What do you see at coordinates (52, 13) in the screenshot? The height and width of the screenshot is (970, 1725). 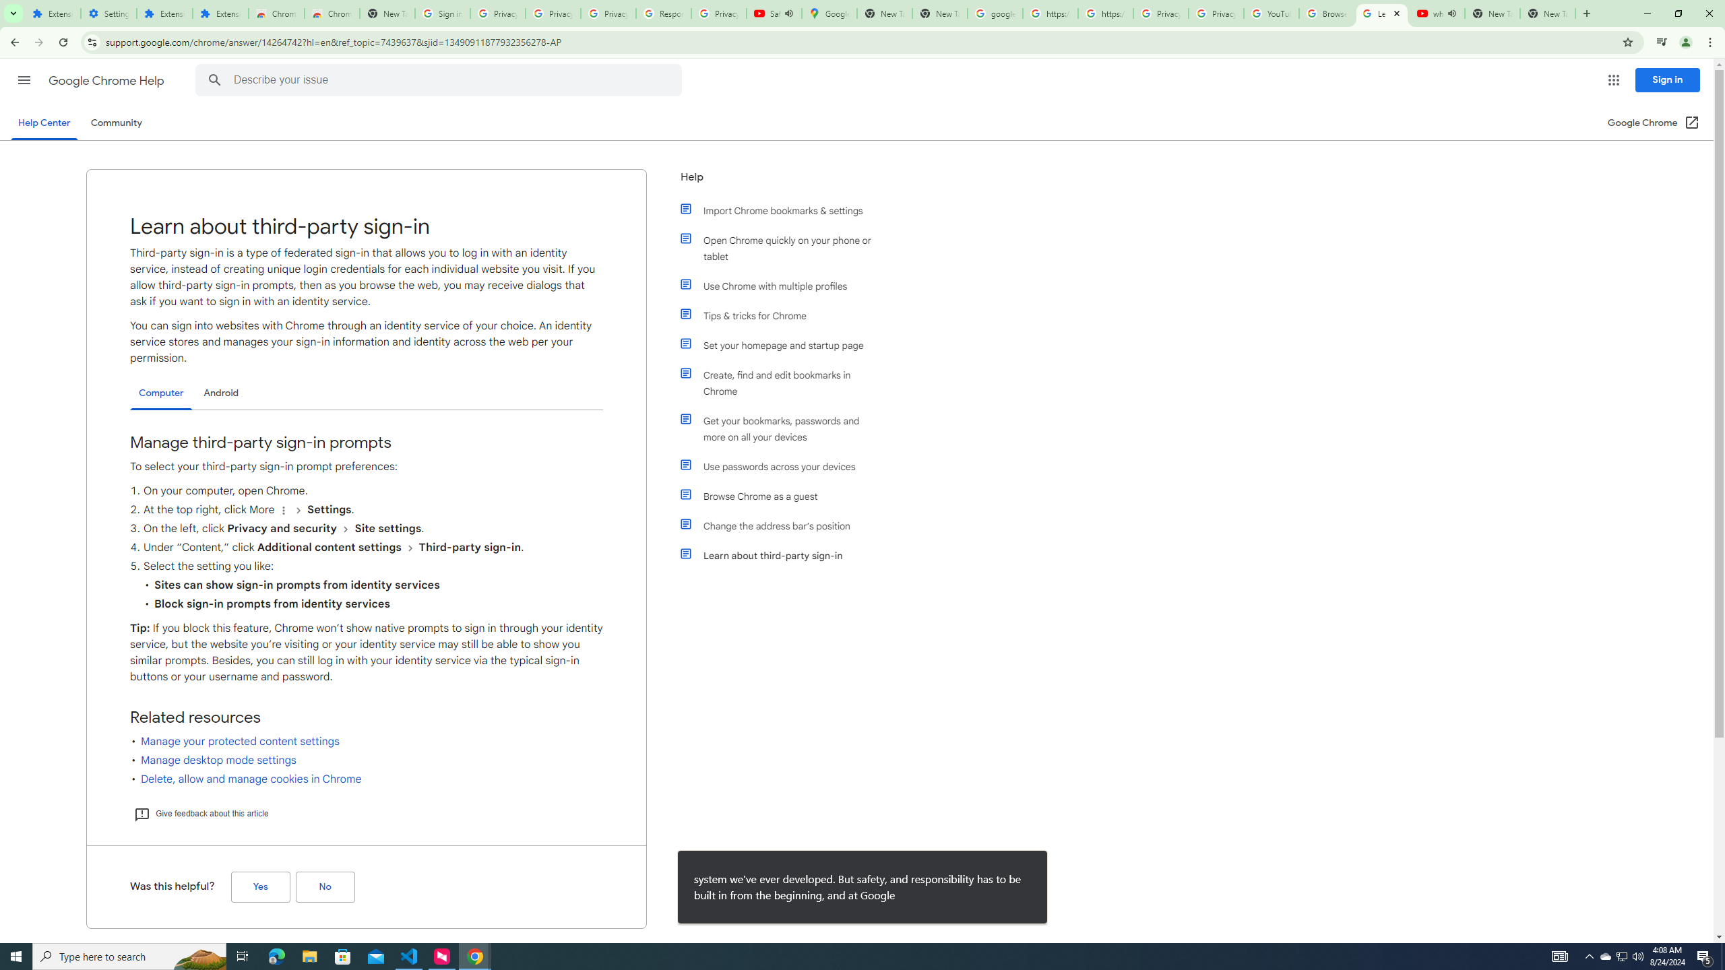 I see `'Extensions'` at bounding box center [52, 13].